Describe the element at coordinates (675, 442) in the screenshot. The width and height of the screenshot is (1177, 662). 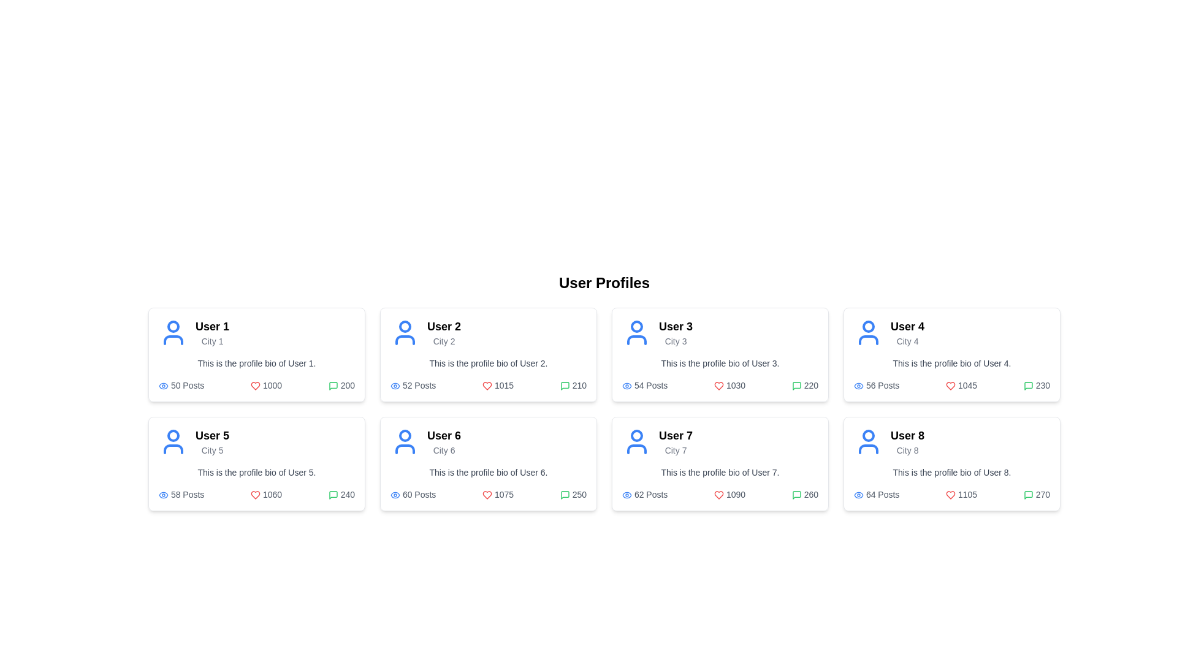
I see `text content of the Text display showing 'User 7' in bold and 'City 7' in smaller gray font, located in the seventh profile card in a 4x2 grid layout` at that location.